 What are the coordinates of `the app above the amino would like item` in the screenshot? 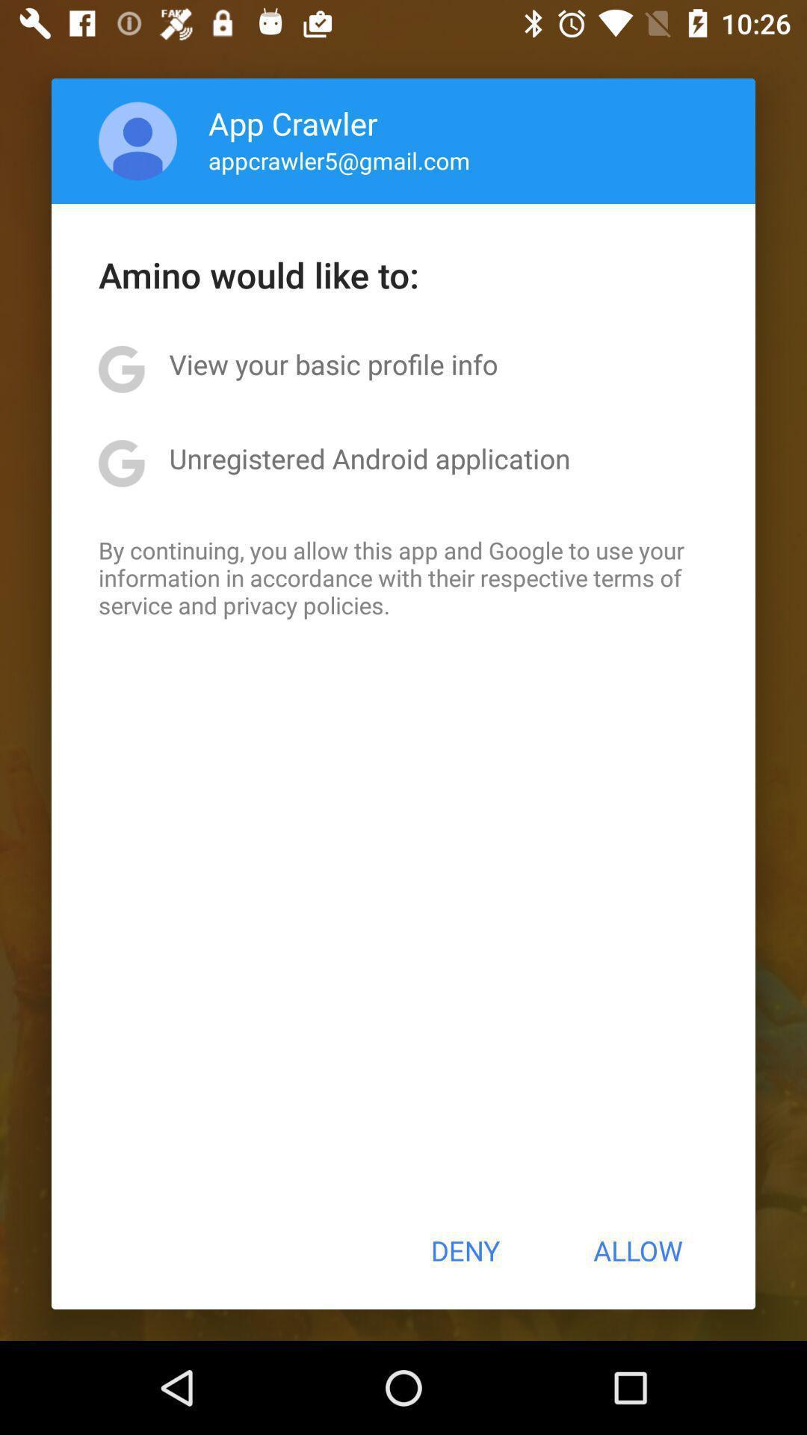 It's located at (339, 160).